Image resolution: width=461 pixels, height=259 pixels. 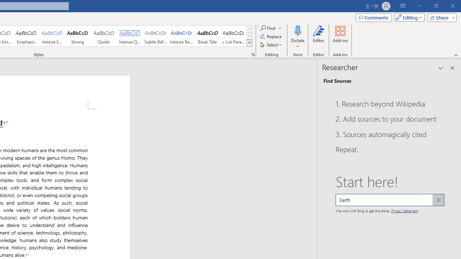 I want to click on 'Intense Reference', so click(x=182, y=36).